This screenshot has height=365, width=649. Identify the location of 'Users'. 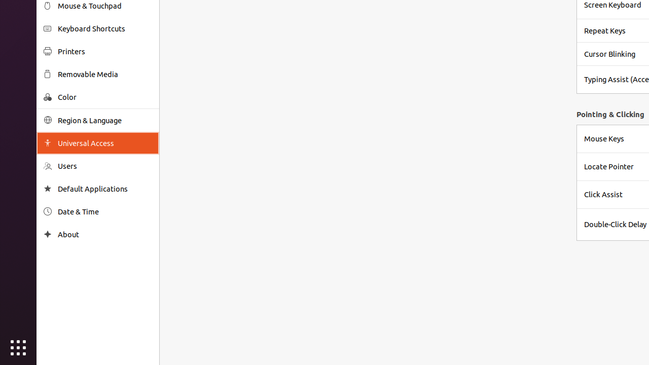
(104, 165).